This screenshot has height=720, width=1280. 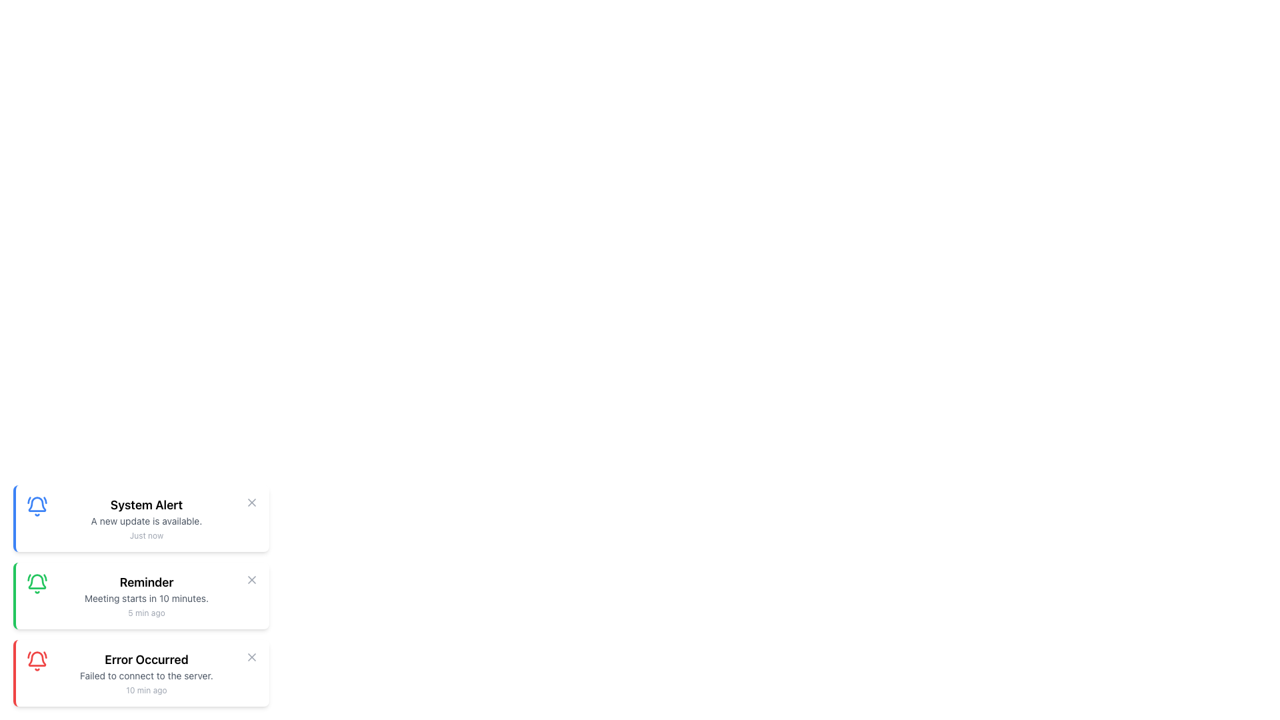 I want to click on the dismiss button located at the top-right corner of the 'Reminder' notification card, so click(x=252, y=579).